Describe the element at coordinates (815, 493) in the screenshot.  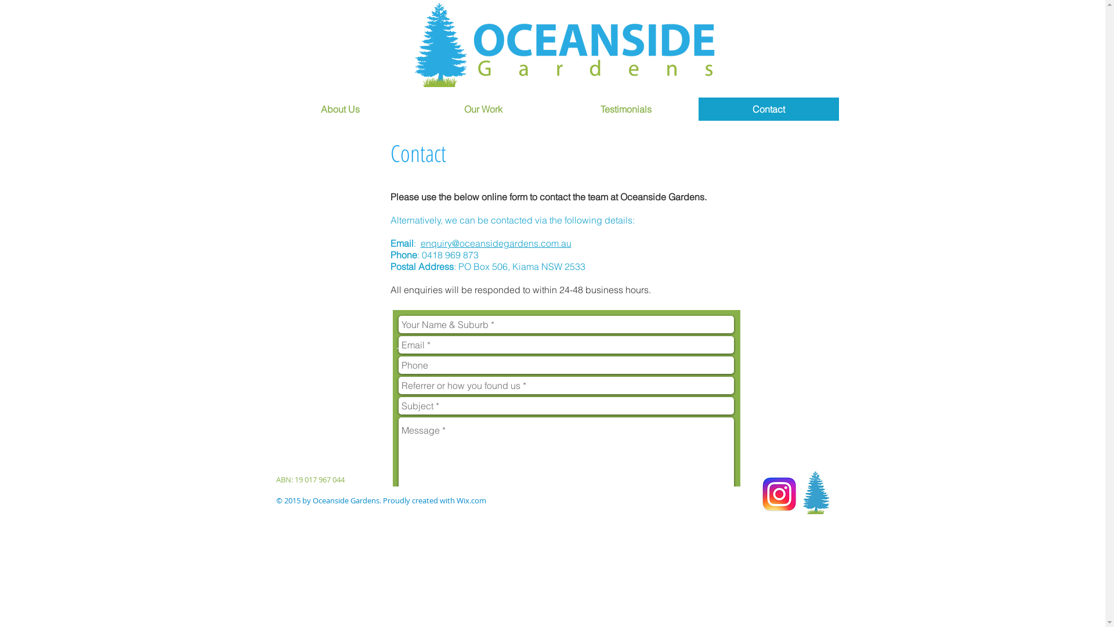
I see `'OGtree'` at that location.